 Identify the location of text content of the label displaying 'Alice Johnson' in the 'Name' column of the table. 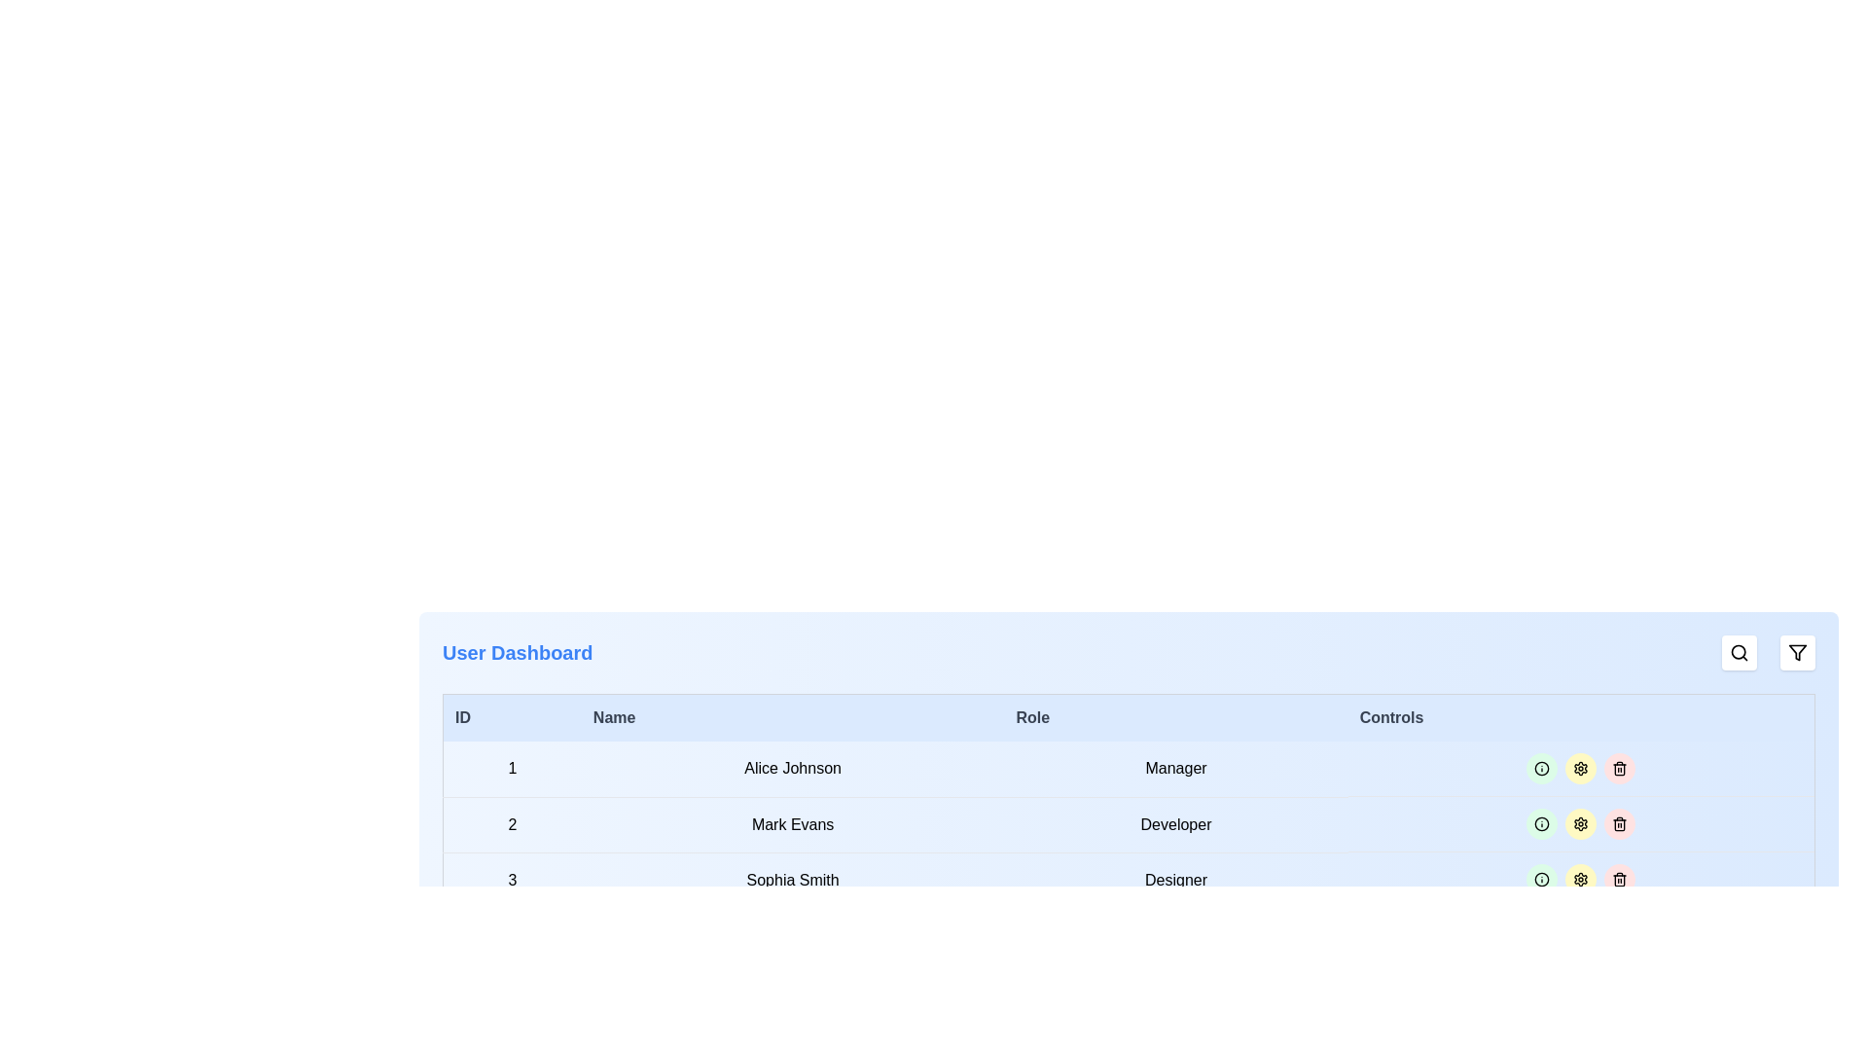
(793, 768).